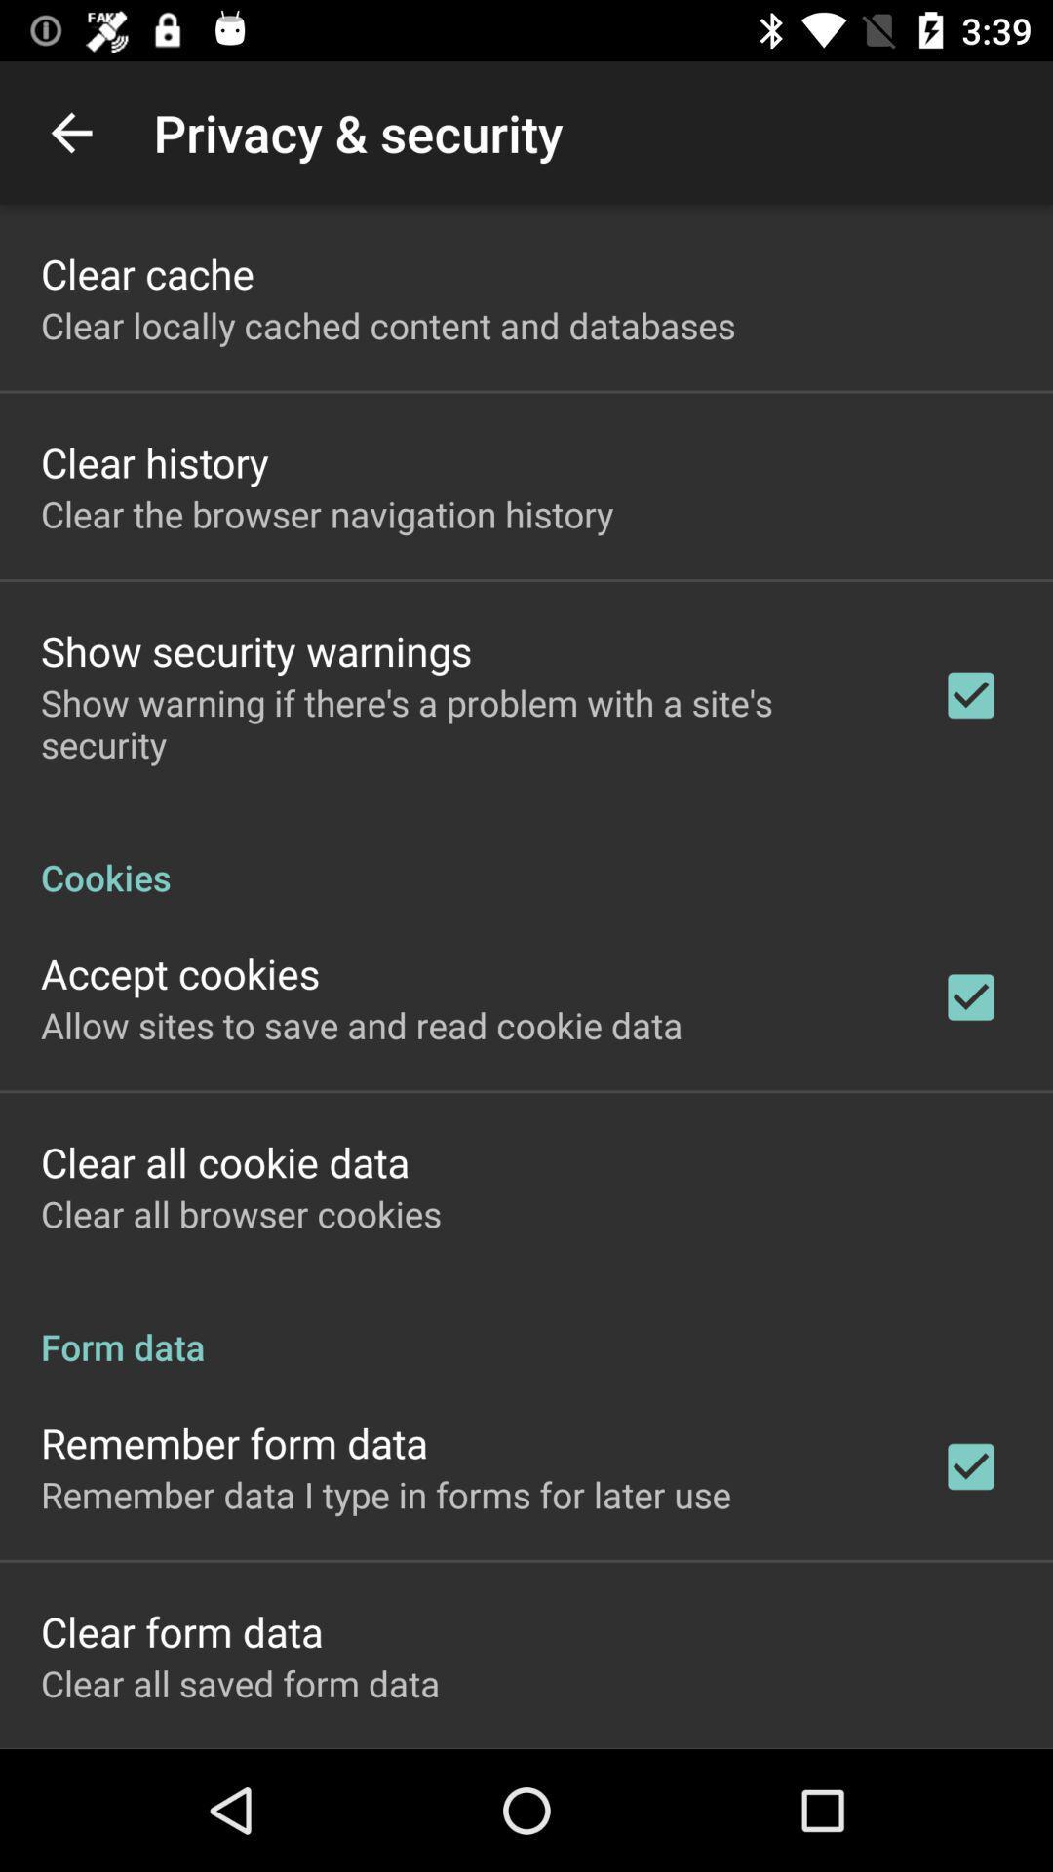  What do you see at coordinates (180, 973) in the screenshot?
I see `accept cookies item` at bounding box center [180, 973].